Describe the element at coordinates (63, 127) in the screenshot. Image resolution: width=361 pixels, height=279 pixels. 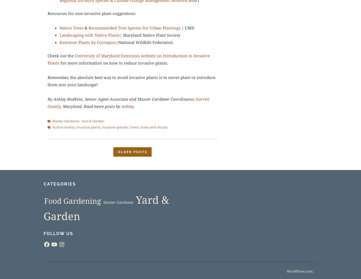
I see `'Author:Ashley'` at that location.